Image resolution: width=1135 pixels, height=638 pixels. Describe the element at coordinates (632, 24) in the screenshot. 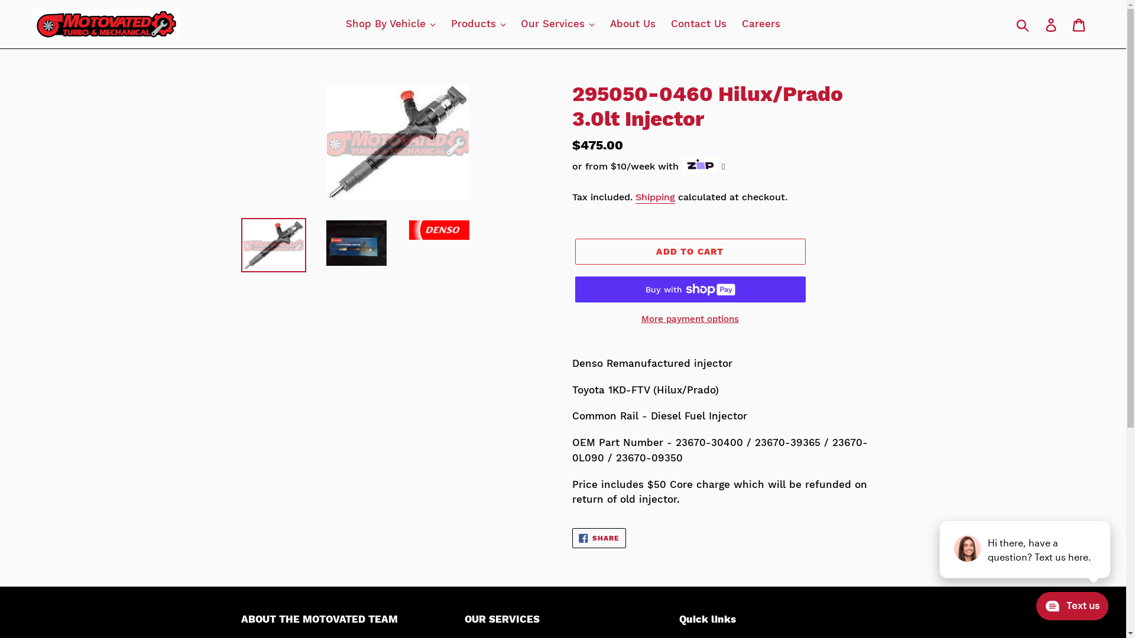

I see `'About Us'` at that location.